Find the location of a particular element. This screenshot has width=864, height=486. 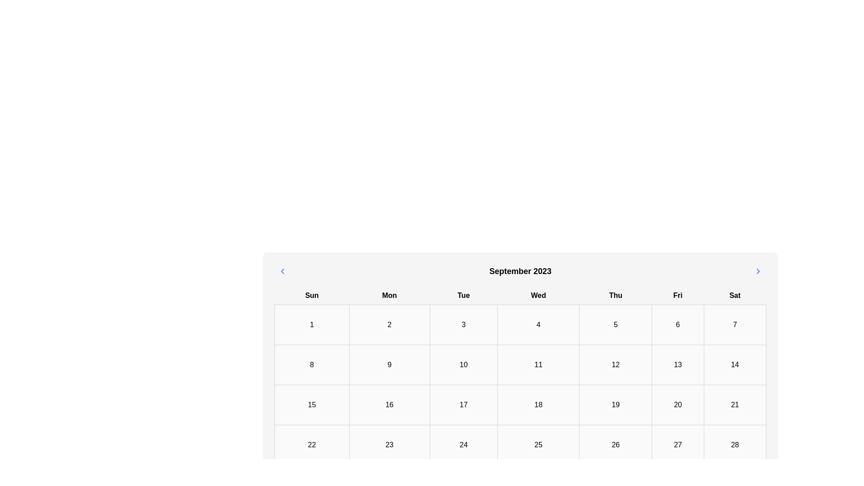

the button representing 'Friday, 13th September 2023' in the calendar interface is located at coordinates (678, 364).